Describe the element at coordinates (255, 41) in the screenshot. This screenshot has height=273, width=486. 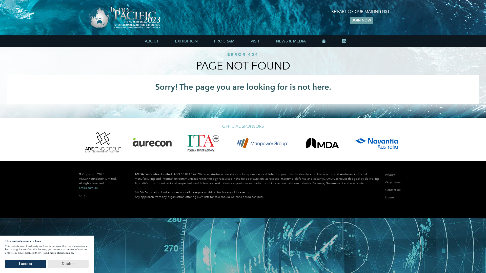
I see `'VISIT'` at that location.